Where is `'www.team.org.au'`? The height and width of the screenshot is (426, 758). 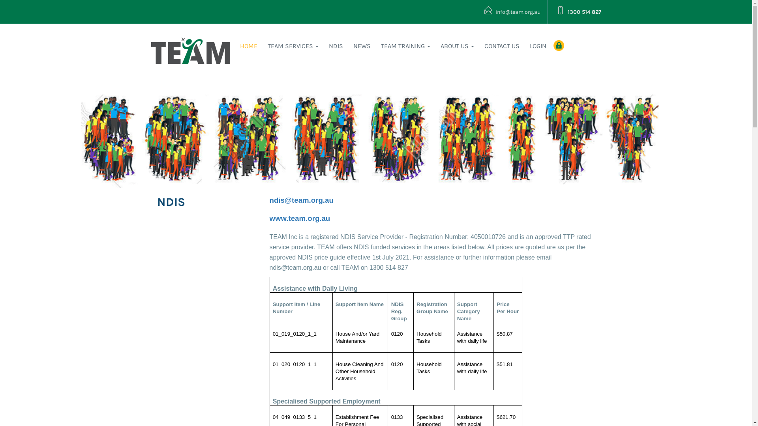 'www.team.org.au' is located at coordinates (269, 219).